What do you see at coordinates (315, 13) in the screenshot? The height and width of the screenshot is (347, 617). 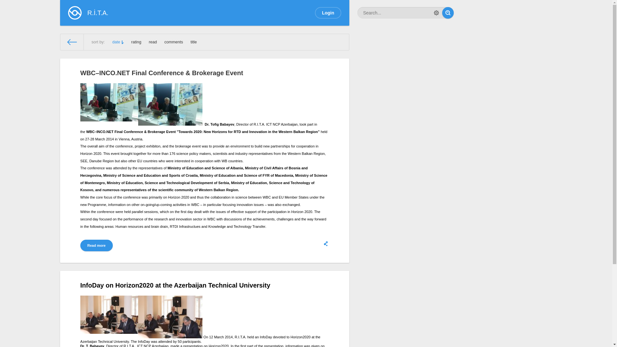 I see `'Login'` at bounding box center [315, 13].